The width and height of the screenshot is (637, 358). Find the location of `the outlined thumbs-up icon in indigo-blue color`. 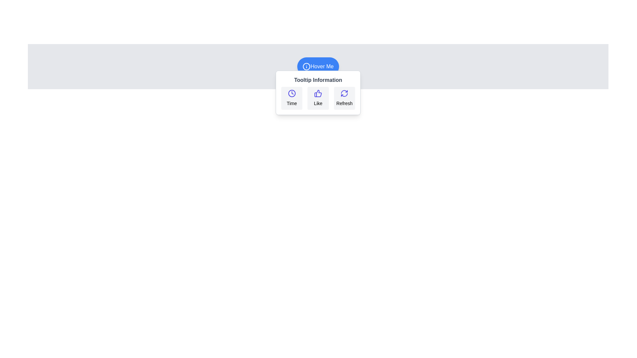

the outlined thumbs-up icon in indigo-blue color is located at coordinates (318, 93).